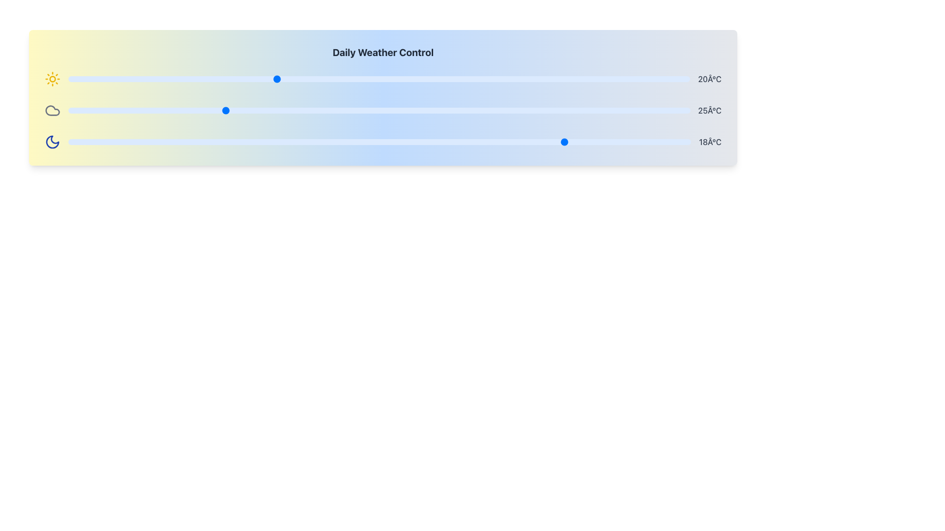 This screenshot has height=531, width=945. Describe the element at coordinates (659, 110) in the screenshot. I see `the slider value` at that location.